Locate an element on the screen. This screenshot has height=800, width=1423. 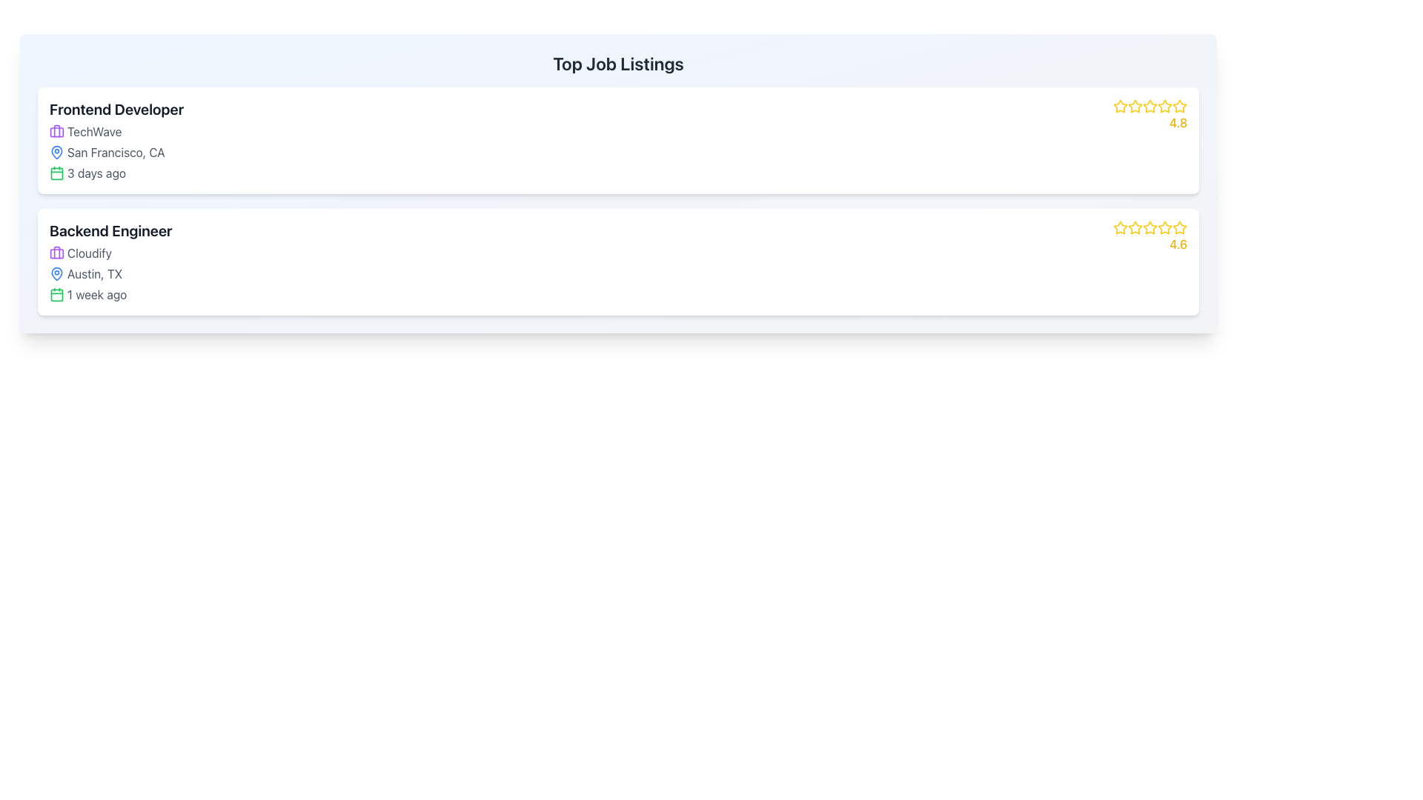
text content of the 'Backend Engineer' label which is prominently displayed in bold and larger font style within the job posting section is located at coordinates (110, 231).